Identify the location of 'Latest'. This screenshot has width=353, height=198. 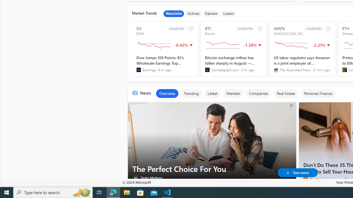
(212, 93).